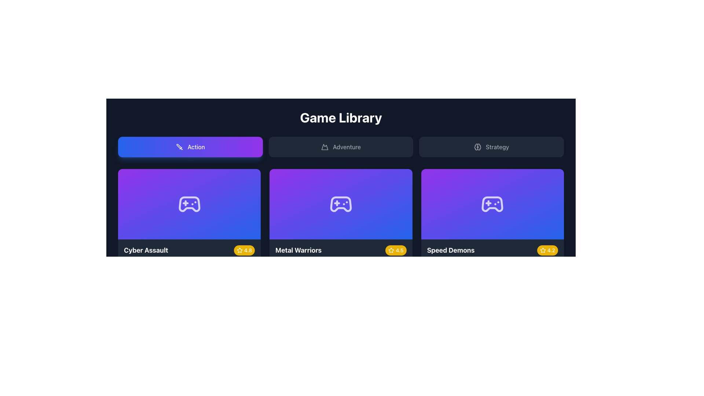  What do you see at coordinates (543, 250) in the screenshot?
I see `the star icon representing the rating of '4.2' in the bottom-right corner of the 'Speed Demons' card` at bounding box center [543, 250].